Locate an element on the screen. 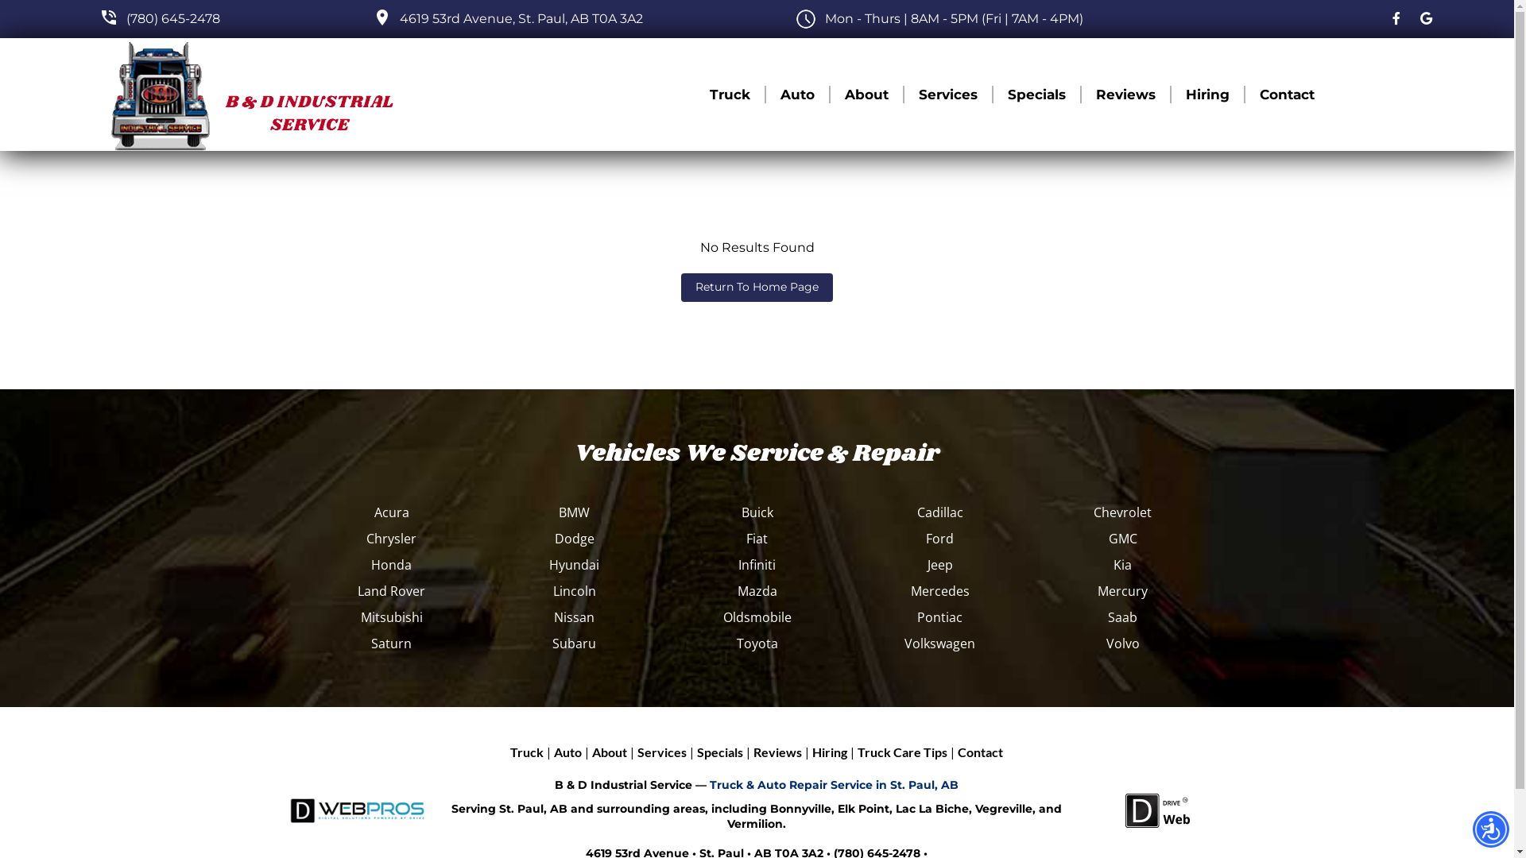 Image resolution: width=1526 pixels, height=858 pixels. 'Contact' is located at coordinates (979, 752).